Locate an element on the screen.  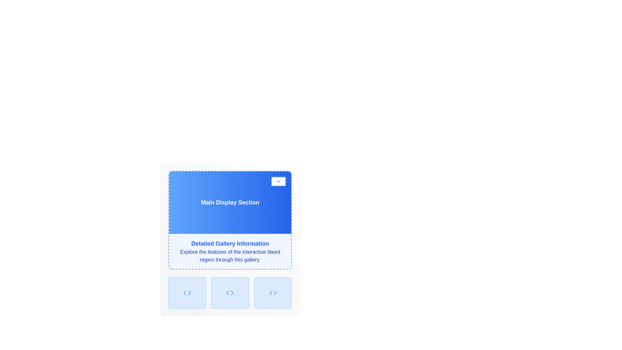
the interactive grid cell with an icon located is located at coordinates (230, 293).